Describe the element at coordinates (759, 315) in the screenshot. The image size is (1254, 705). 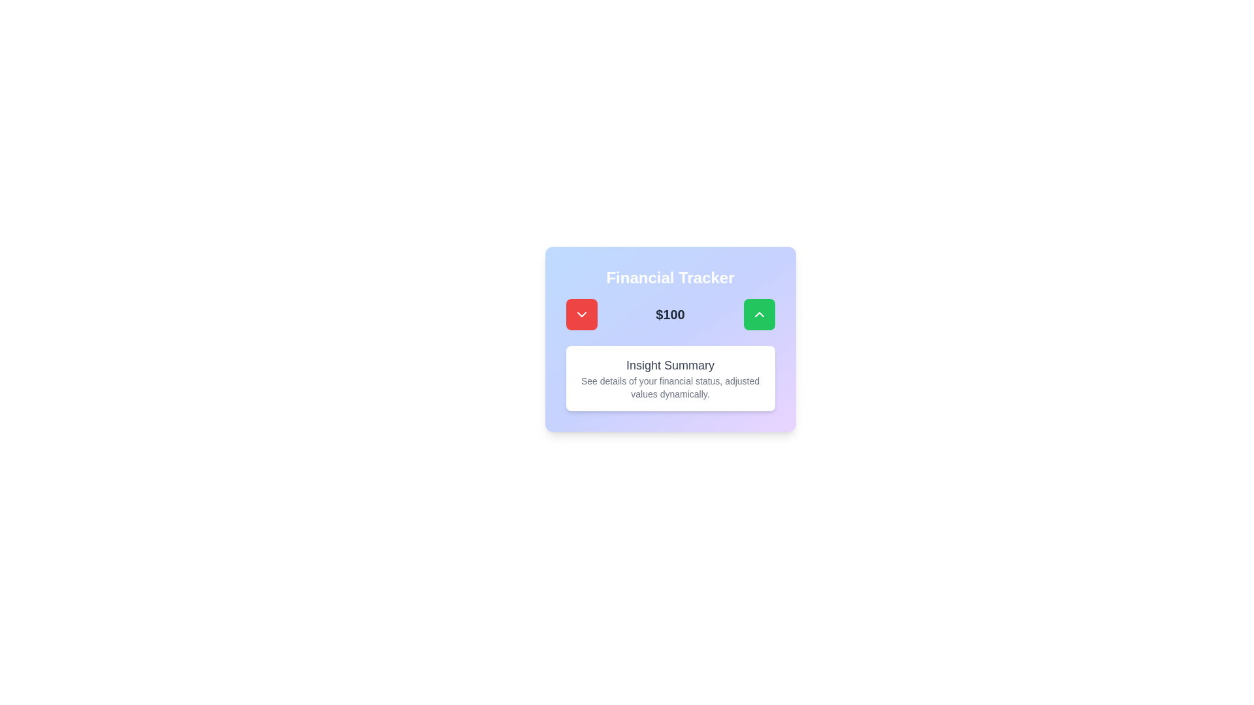
I see `the green chevron-up button located at the top-left of the 'Financial Tracker' card to receive feedback` at that location.